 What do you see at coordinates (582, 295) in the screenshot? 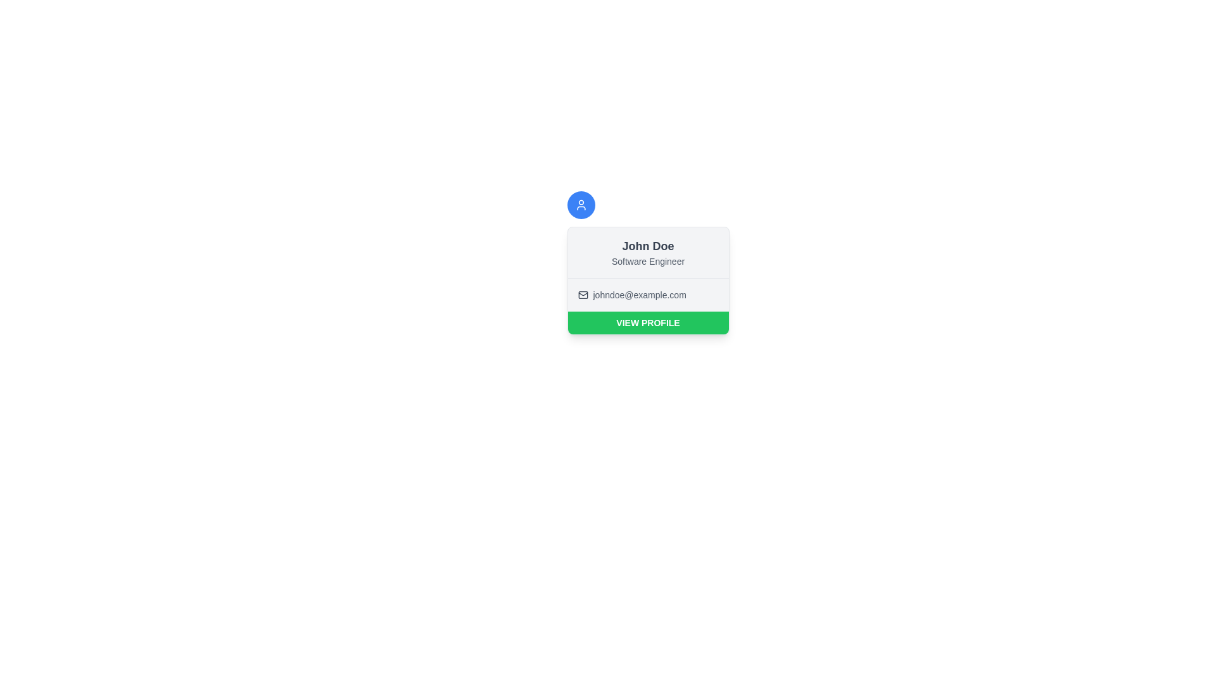
I see `the email icon located within the profile card, which visually indicates the adjacent email address 'johndoe@example.com'` at bounding box center [582, 295].